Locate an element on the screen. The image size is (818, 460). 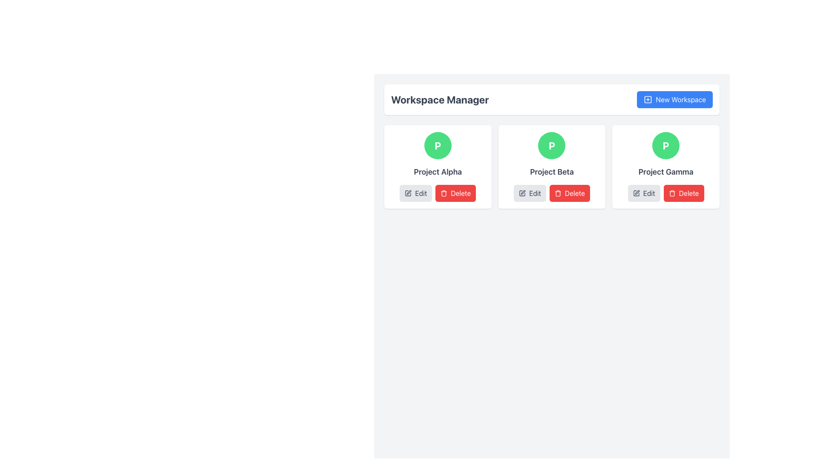
the 'Delete' button, which has a red background, white text, and a trash can icon, located below the workspace item title and to the right of the 'Edit' button is located at coordinates (455, 193).